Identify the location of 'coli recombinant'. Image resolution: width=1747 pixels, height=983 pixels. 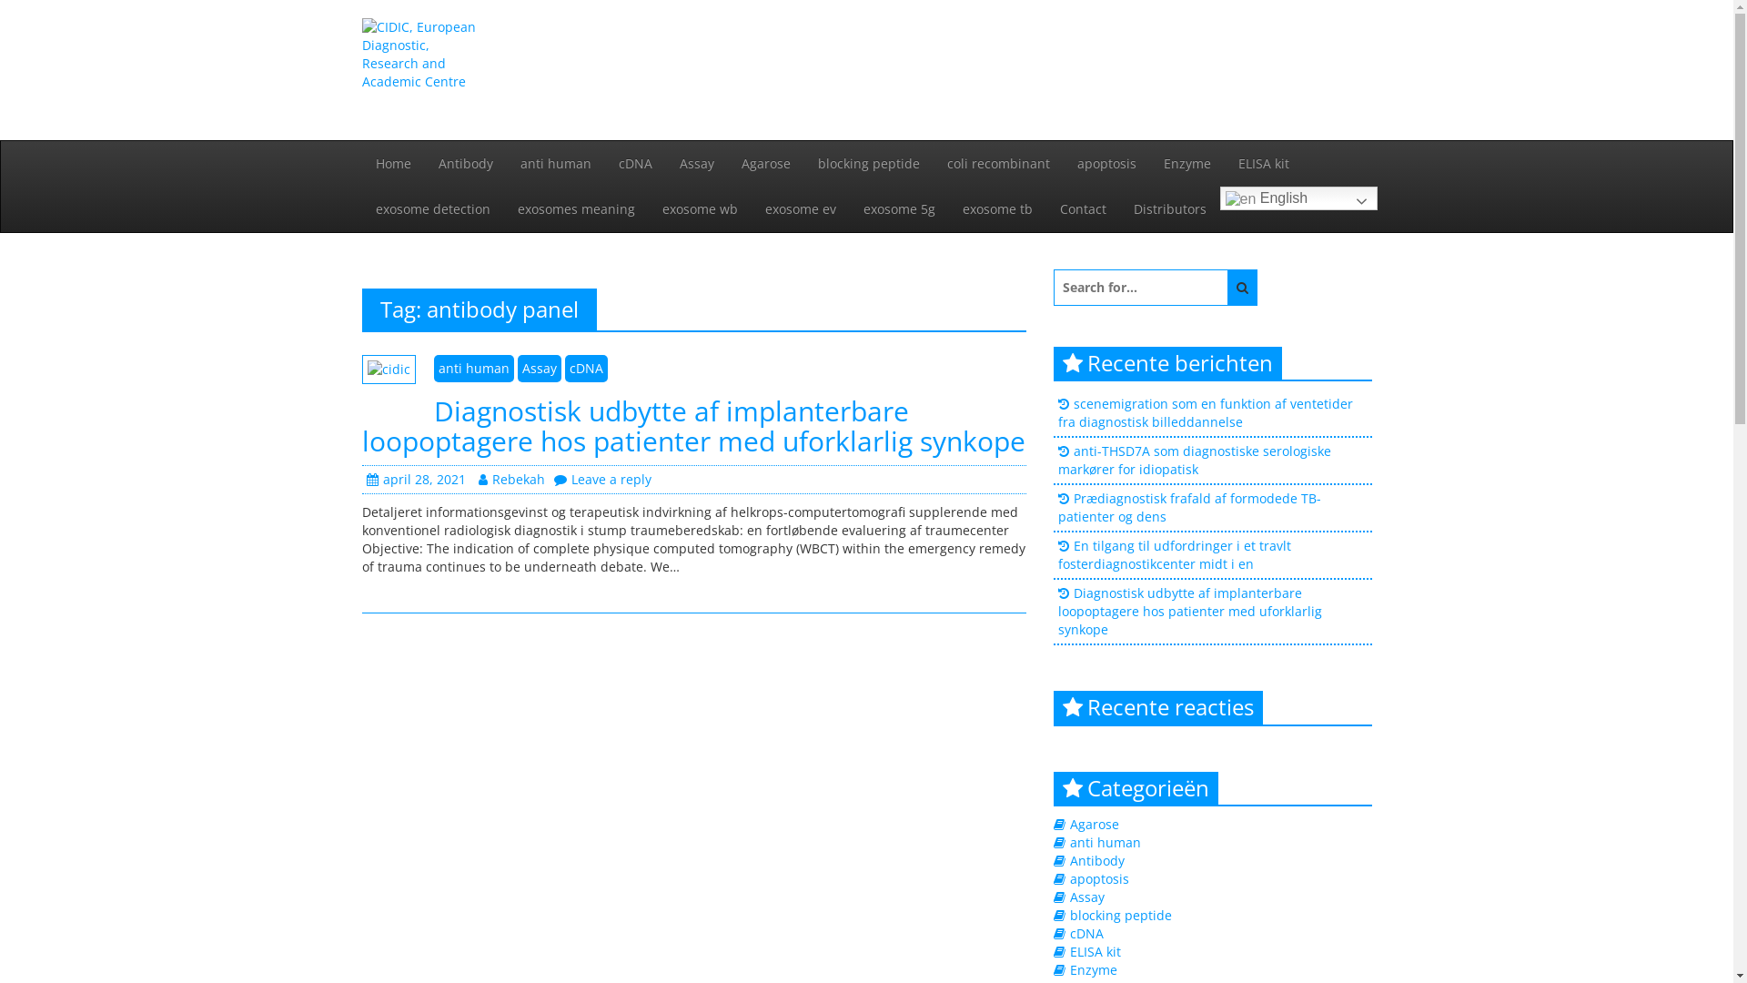
(997, 164).